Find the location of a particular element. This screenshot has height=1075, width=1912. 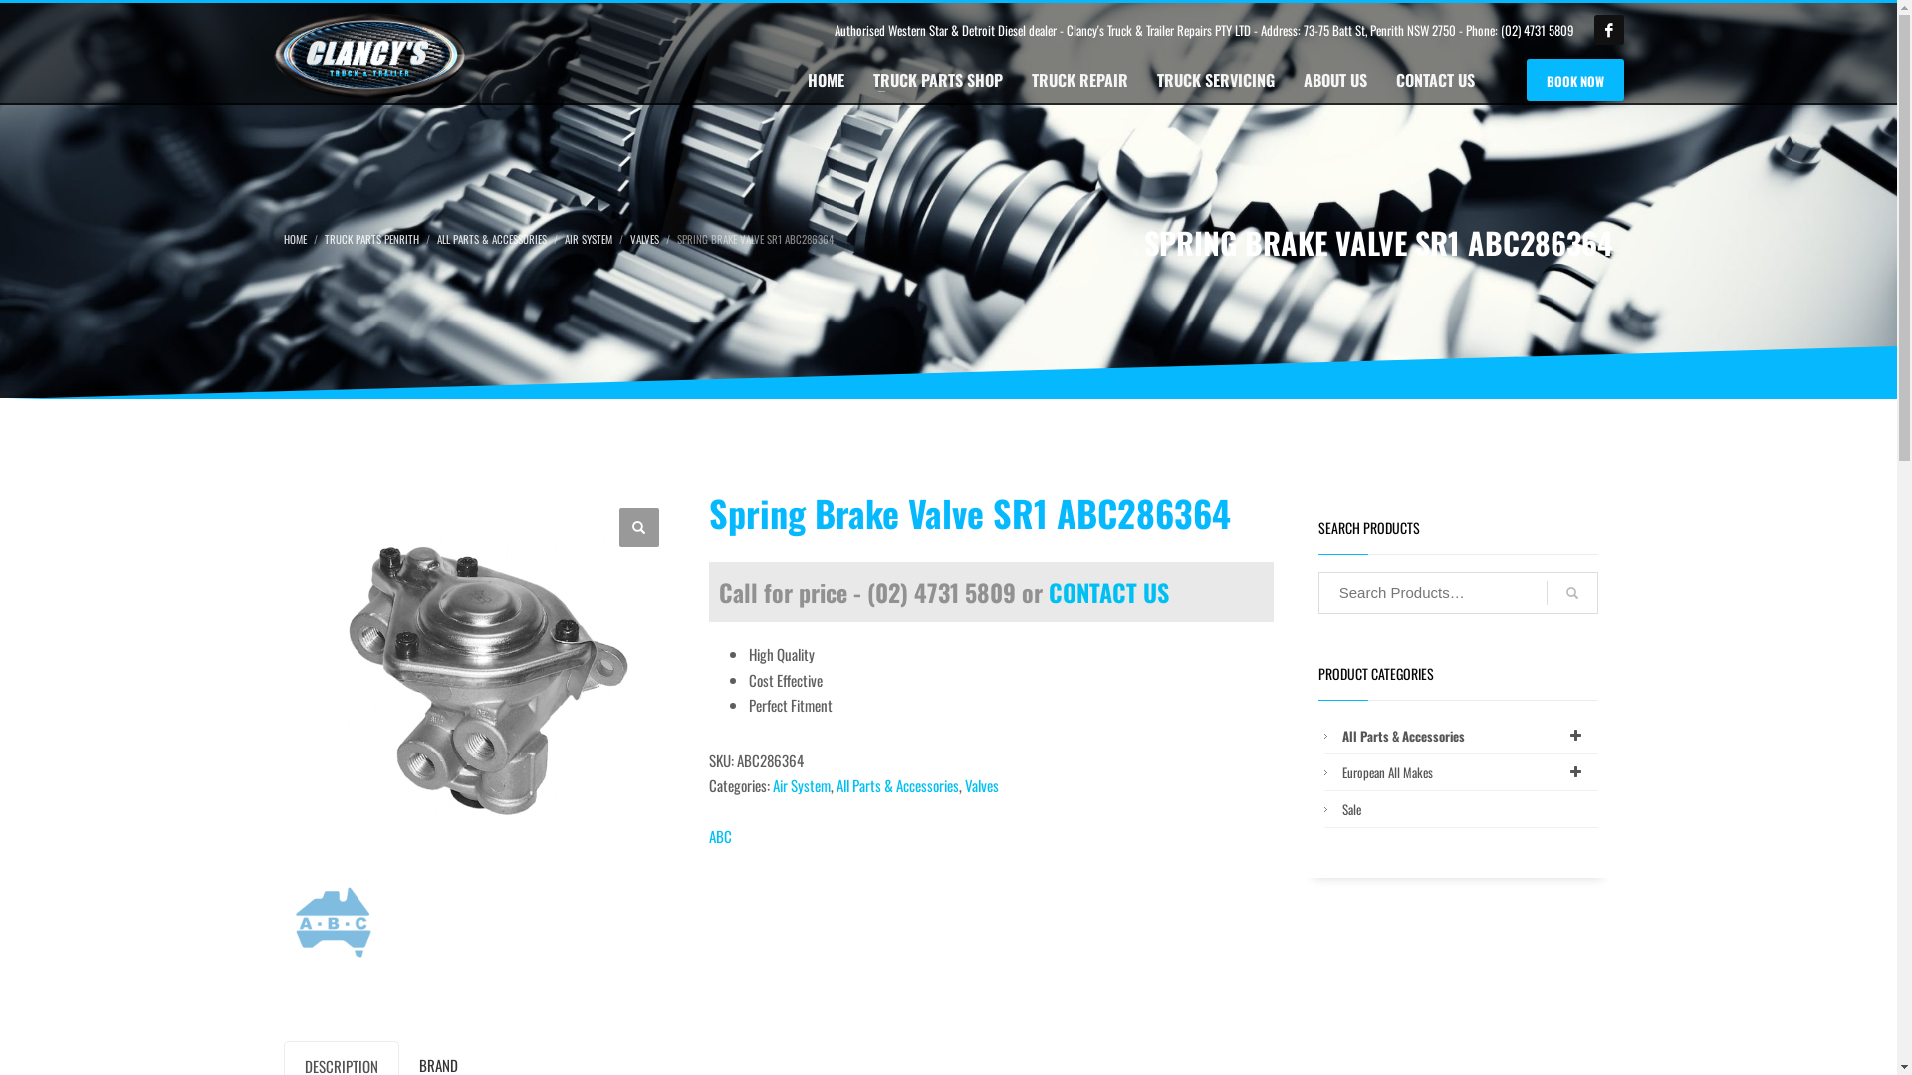

'BOOK NOW' is located at coordinates (1574, 79).